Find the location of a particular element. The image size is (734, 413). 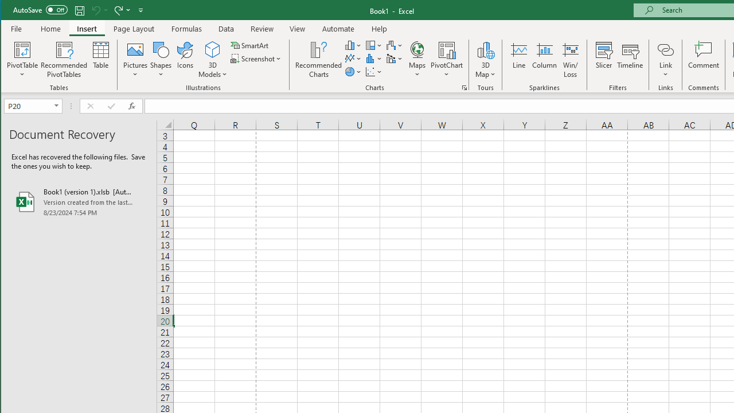

'3D Models' is located at coordinates (213, 49).